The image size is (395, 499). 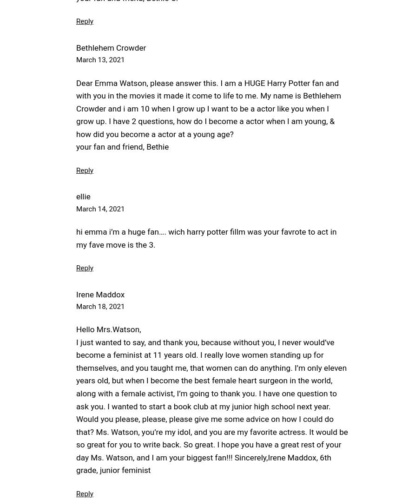 What do you see at coordinates (122, 146) in the screenshot?
I see `'your fan and friend, Bethie'` at bounding box center [122, 146].